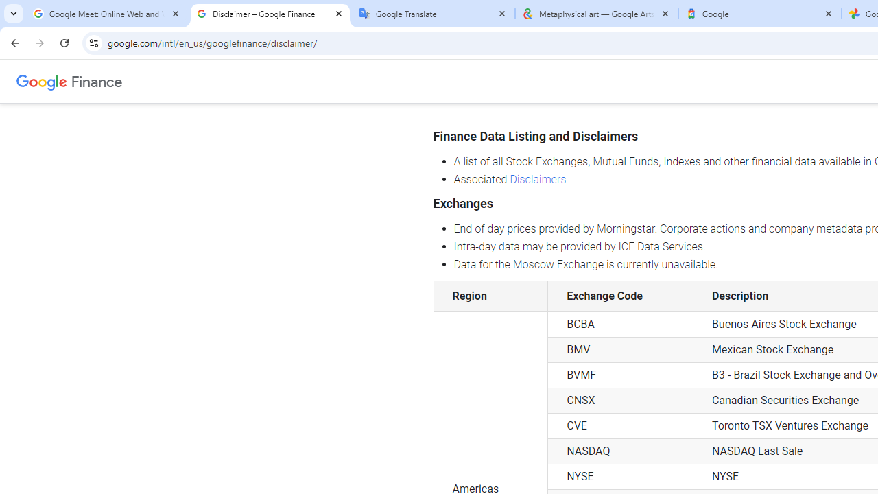 The width and height of the screenshot is (878, 494). What do you see at coordinates (433, 14) in the screenshot?
I see `'Google Translate'` at bounding box center [433, 14].